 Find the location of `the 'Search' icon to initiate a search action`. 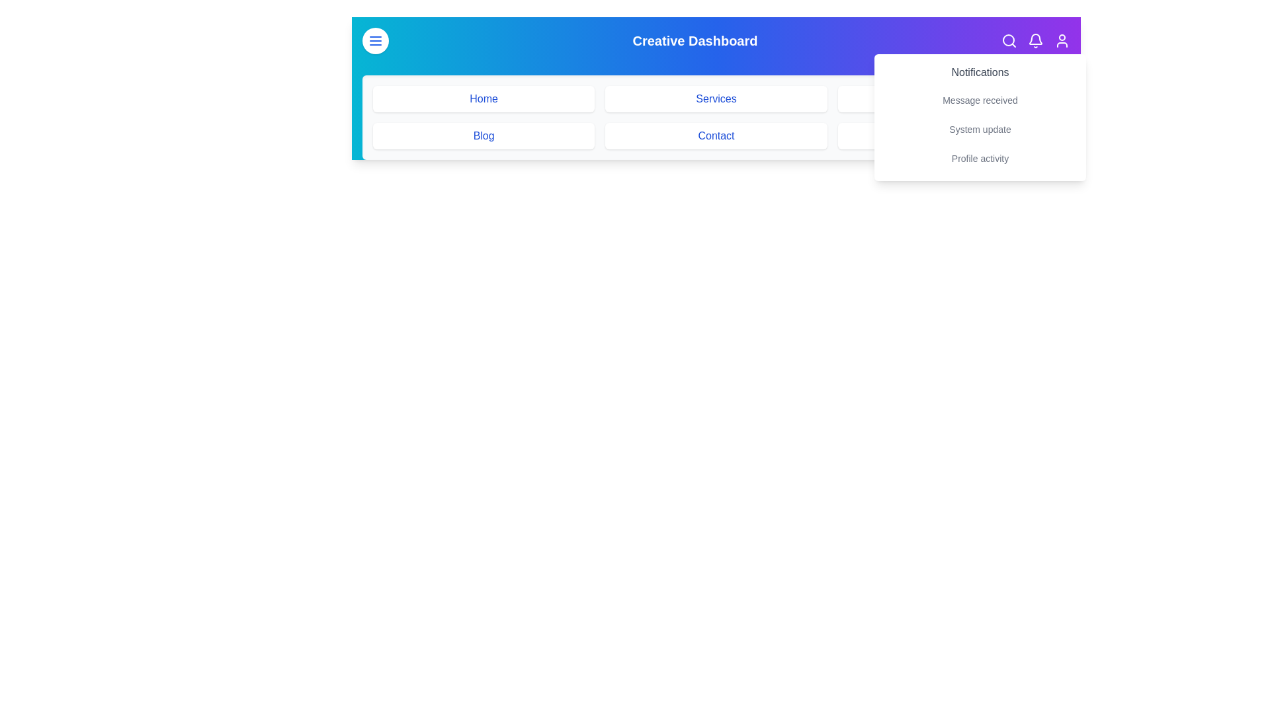

the 'Search' icon to initiate a search action is located at coordinates (1009, 40).